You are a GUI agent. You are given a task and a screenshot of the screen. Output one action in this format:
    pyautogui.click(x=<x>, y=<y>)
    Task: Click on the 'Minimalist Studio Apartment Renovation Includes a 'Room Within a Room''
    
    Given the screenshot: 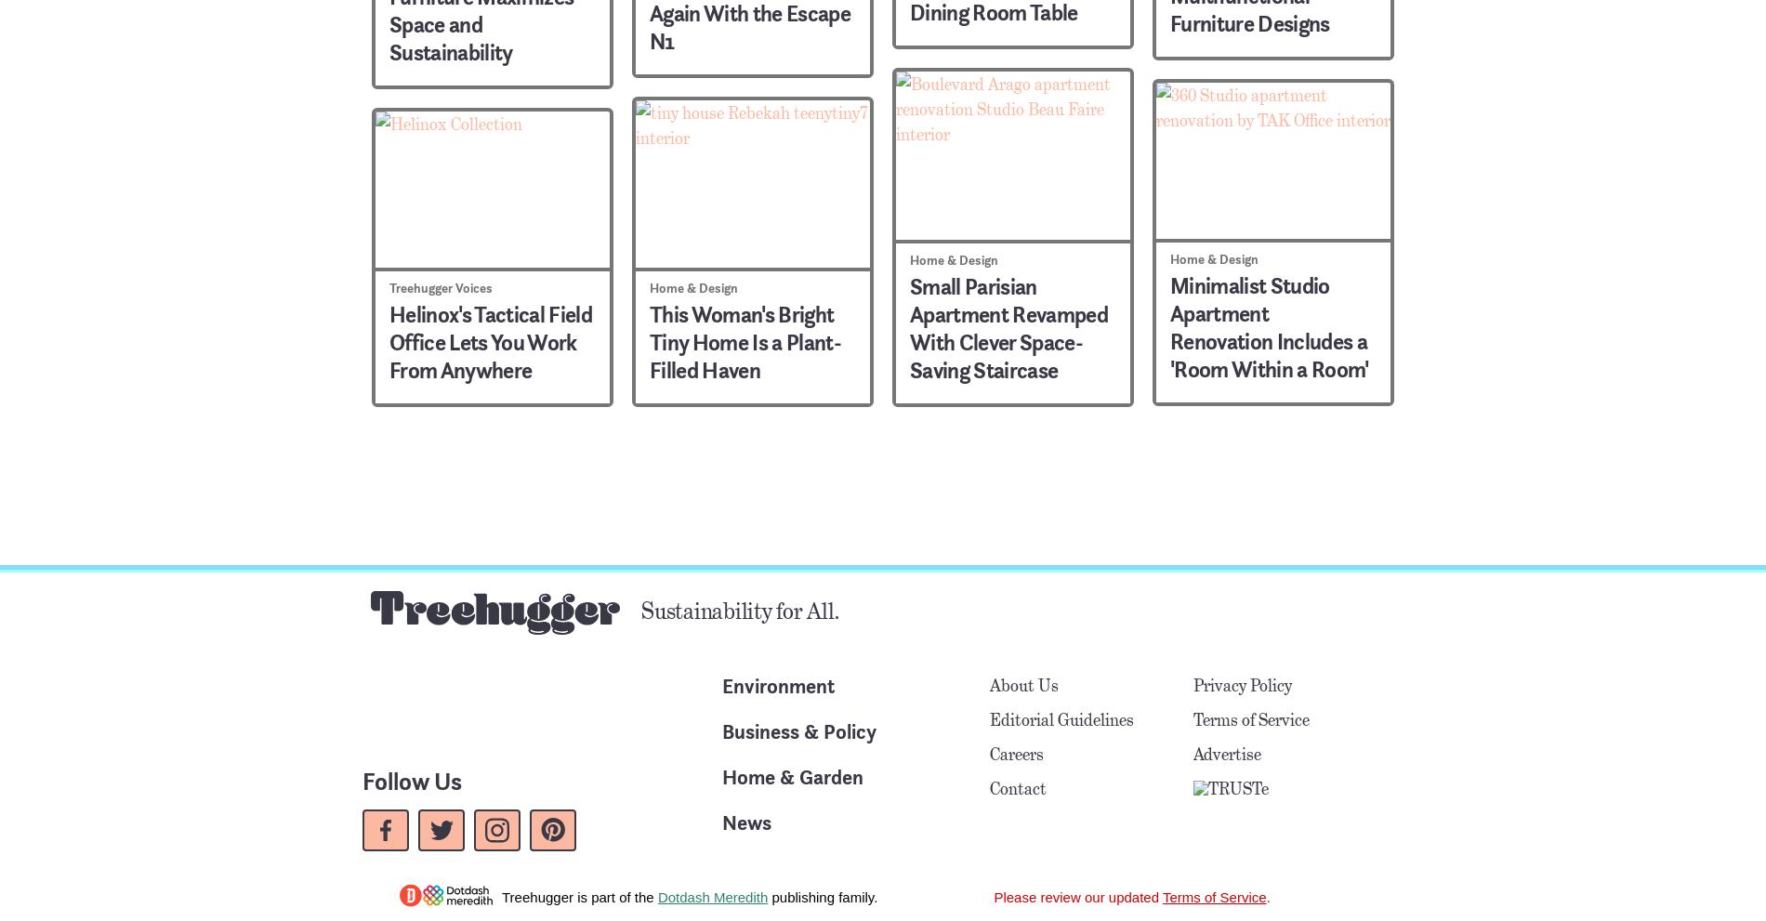 What is the action you would take?
    pyautogui.click(x=1268, y=327)
    